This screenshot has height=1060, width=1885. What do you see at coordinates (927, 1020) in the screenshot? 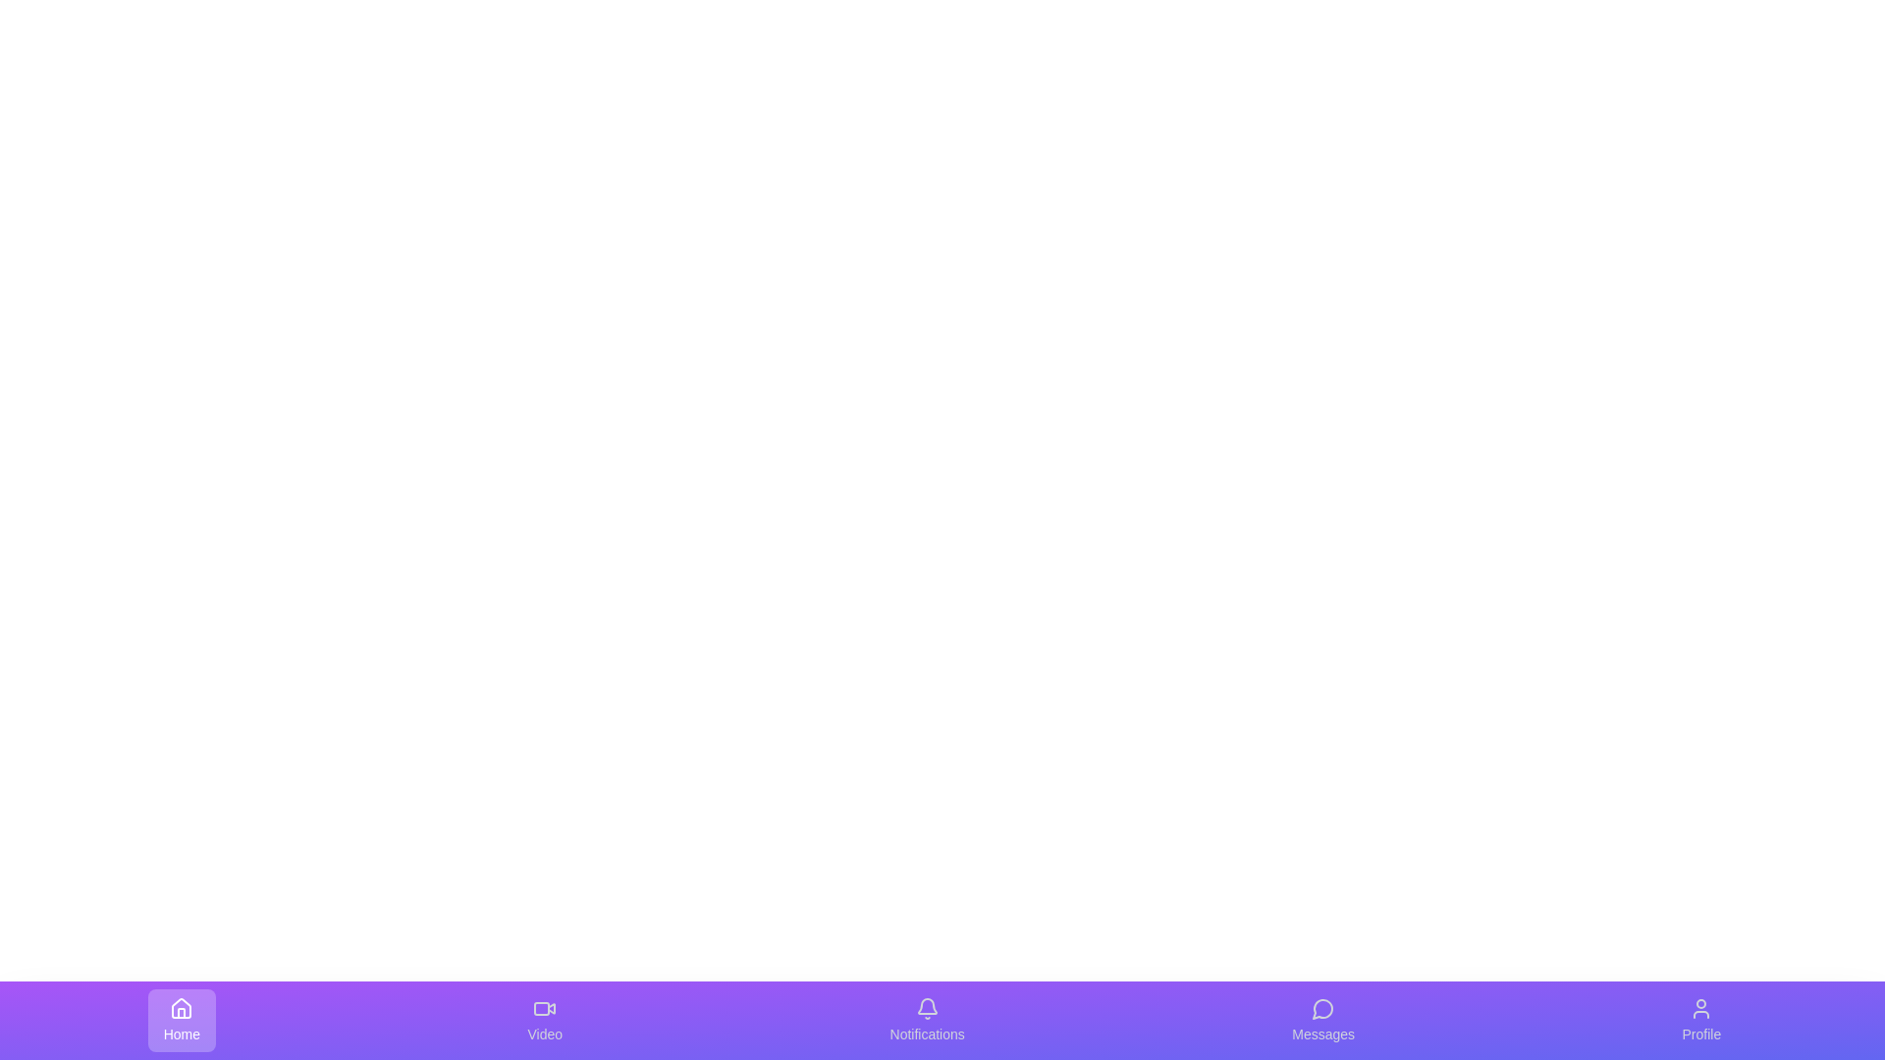
I see `the icon for Notifications to trigger visual feedback` at bounding box center [927, 1020].